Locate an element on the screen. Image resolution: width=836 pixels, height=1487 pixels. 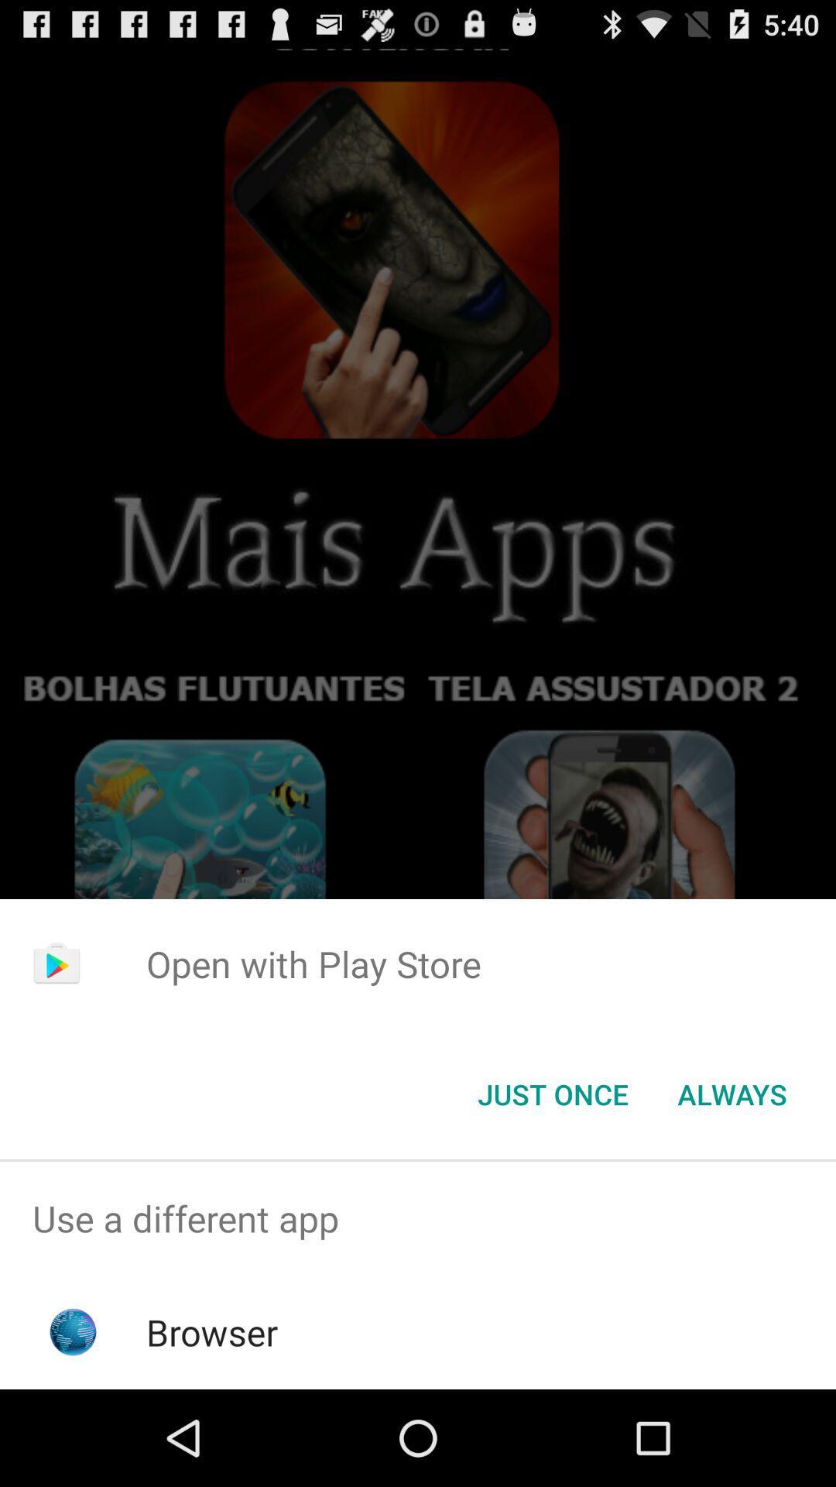
browser icon is located at coordinates (212, 1331).